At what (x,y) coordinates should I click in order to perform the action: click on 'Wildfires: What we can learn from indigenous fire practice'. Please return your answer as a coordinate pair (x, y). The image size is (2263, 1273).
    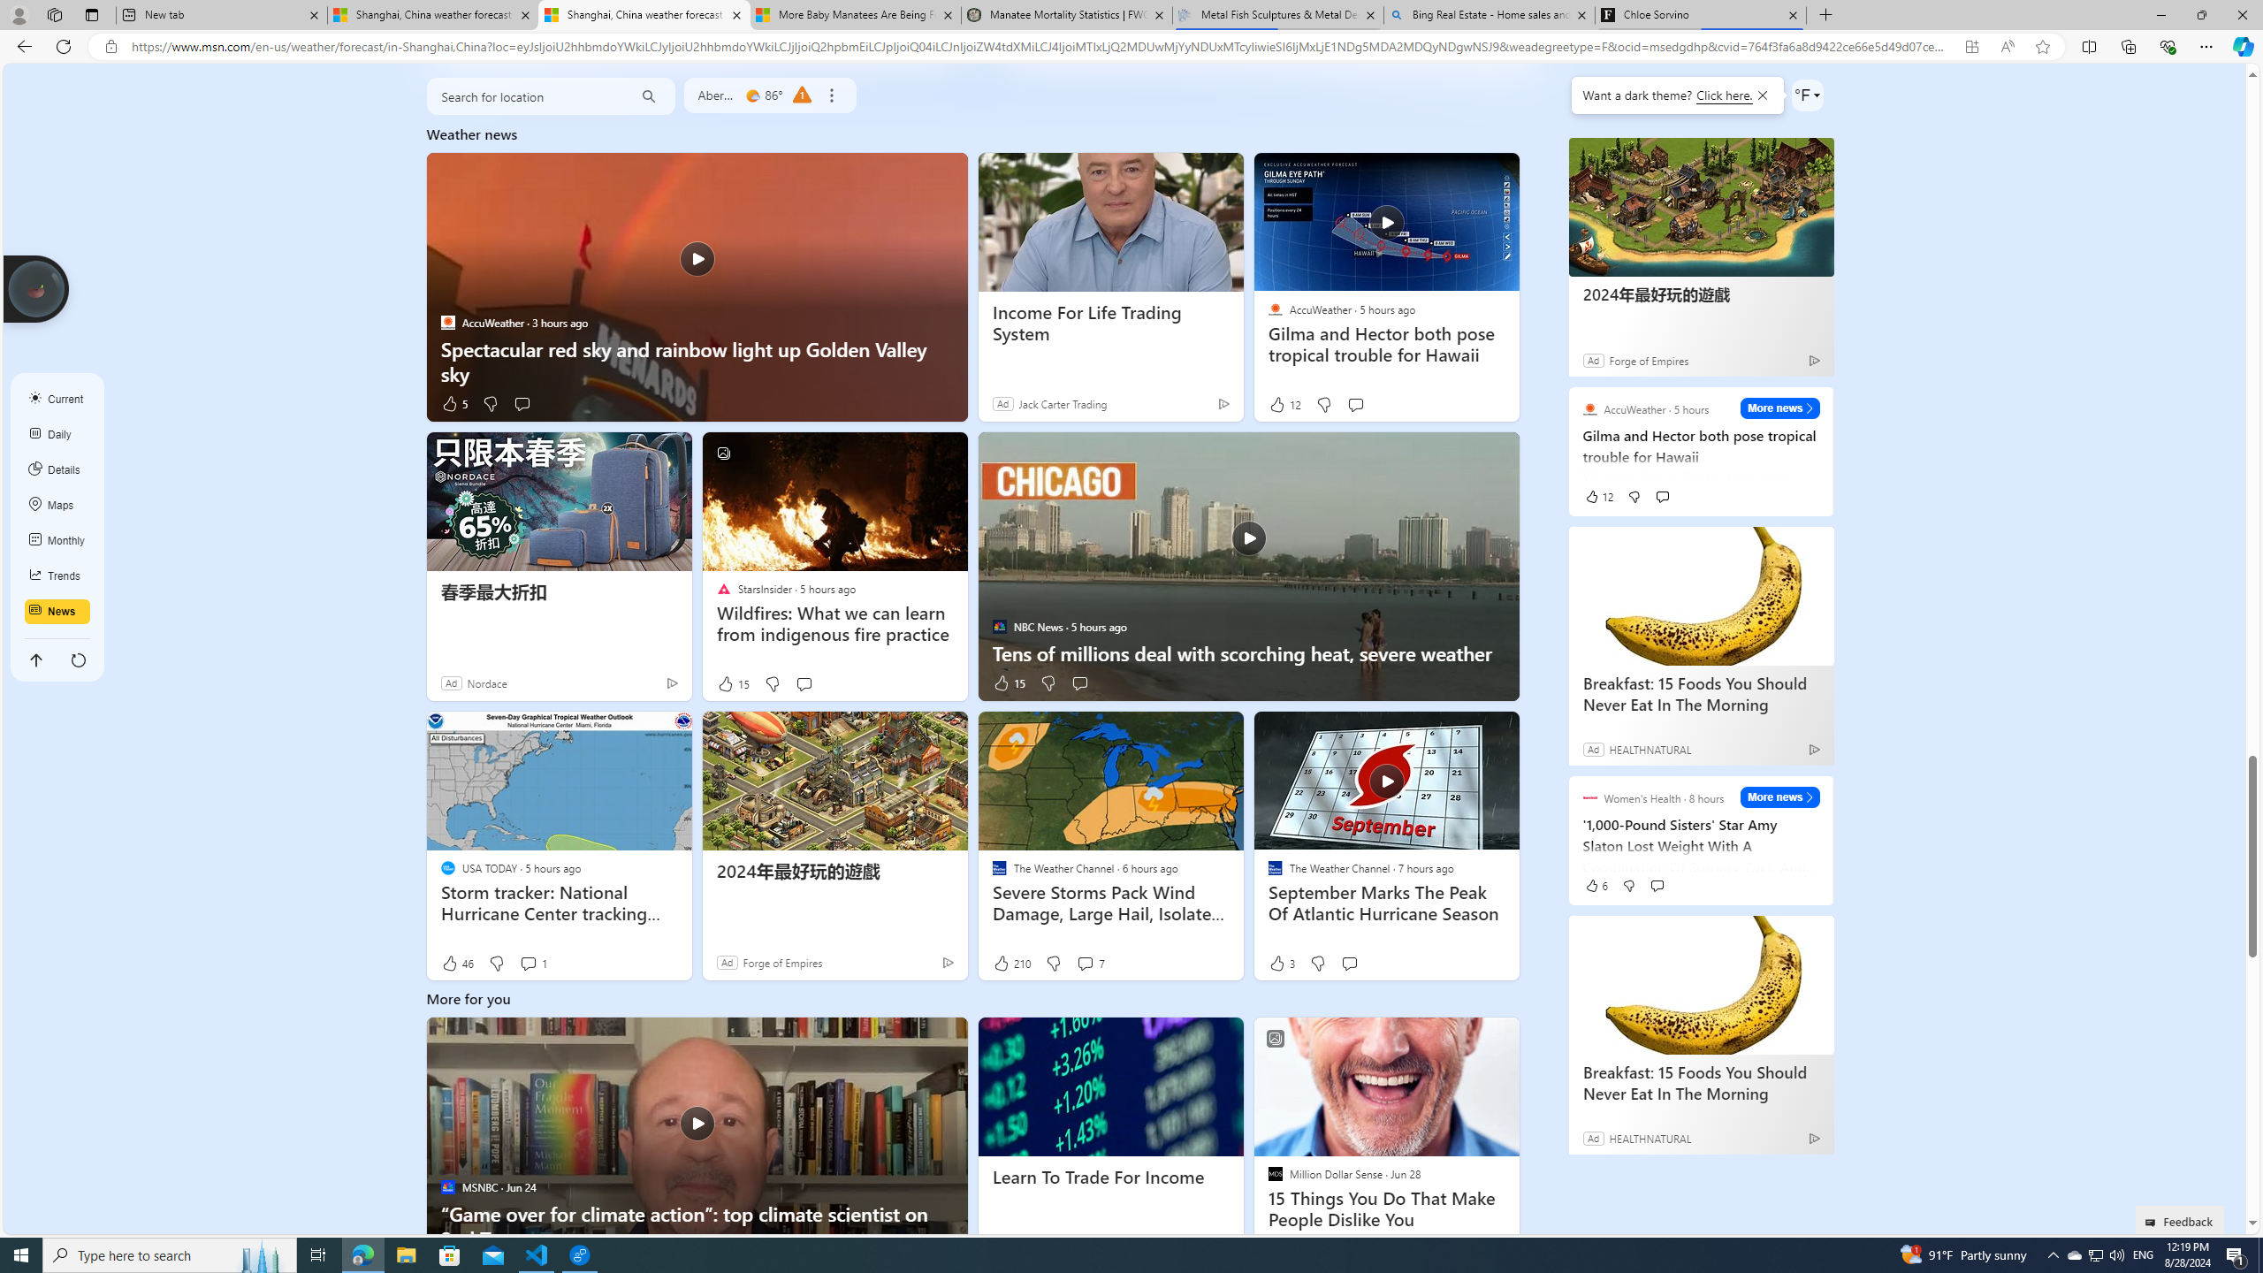
    Looking at the image, I should click on (833, 623).